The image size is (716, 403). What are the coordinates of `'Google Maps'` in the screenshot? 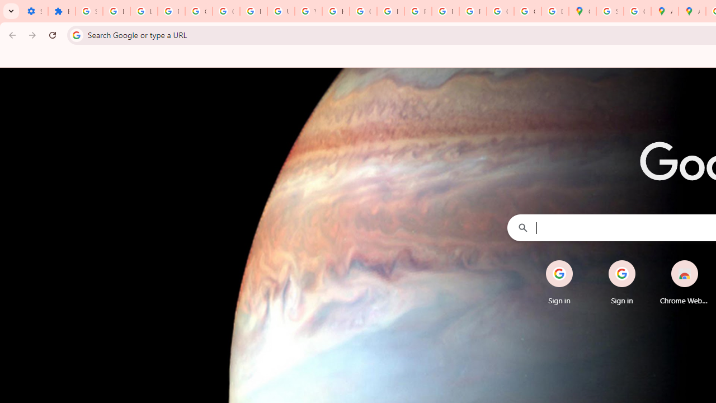 It's located at (582, 11).